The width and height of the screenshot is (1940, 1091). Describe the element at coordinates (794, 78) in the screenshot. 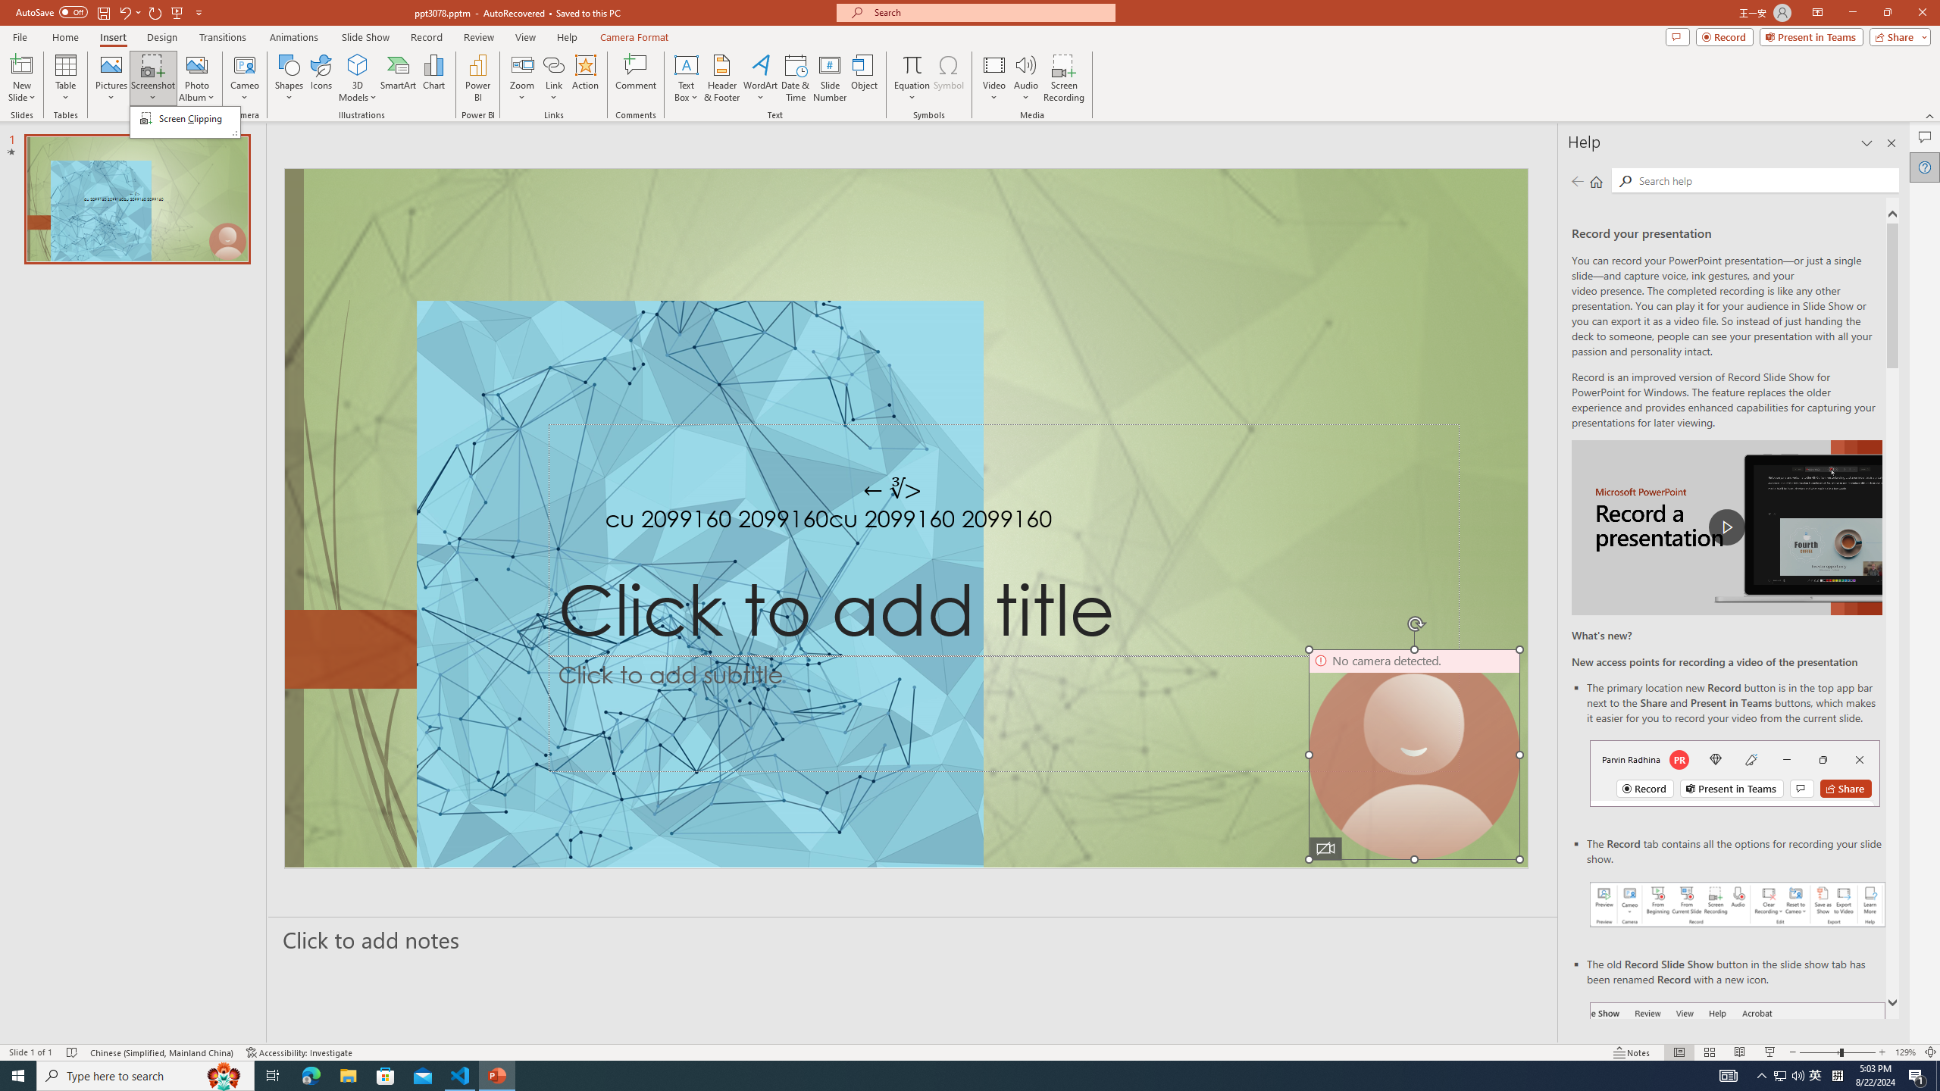

I see `'Date & Time...'` at that location.